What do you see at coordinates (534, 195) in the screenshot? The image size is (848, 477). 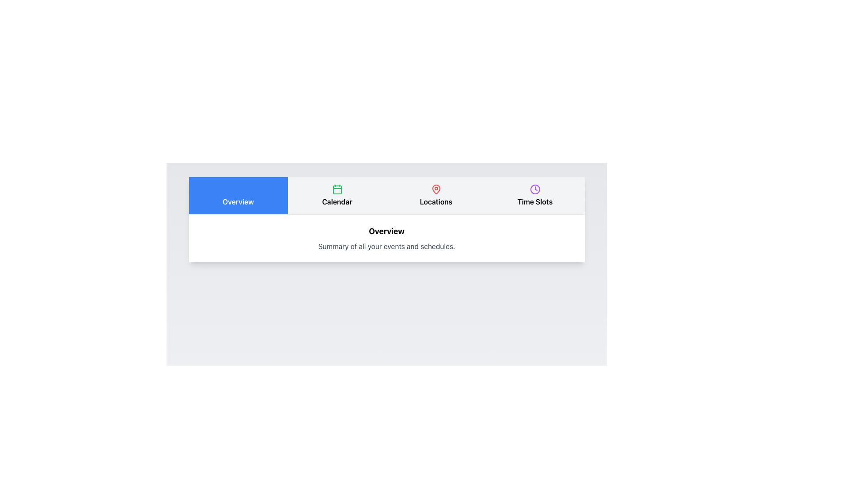 I see `the navigation button labeled 'Time Slots' located in the top navigation section, which is the fourth item in a horizontal list after 'Overview,' 'Calendar,' and 'Locations'` at bounding box center [534, 195].